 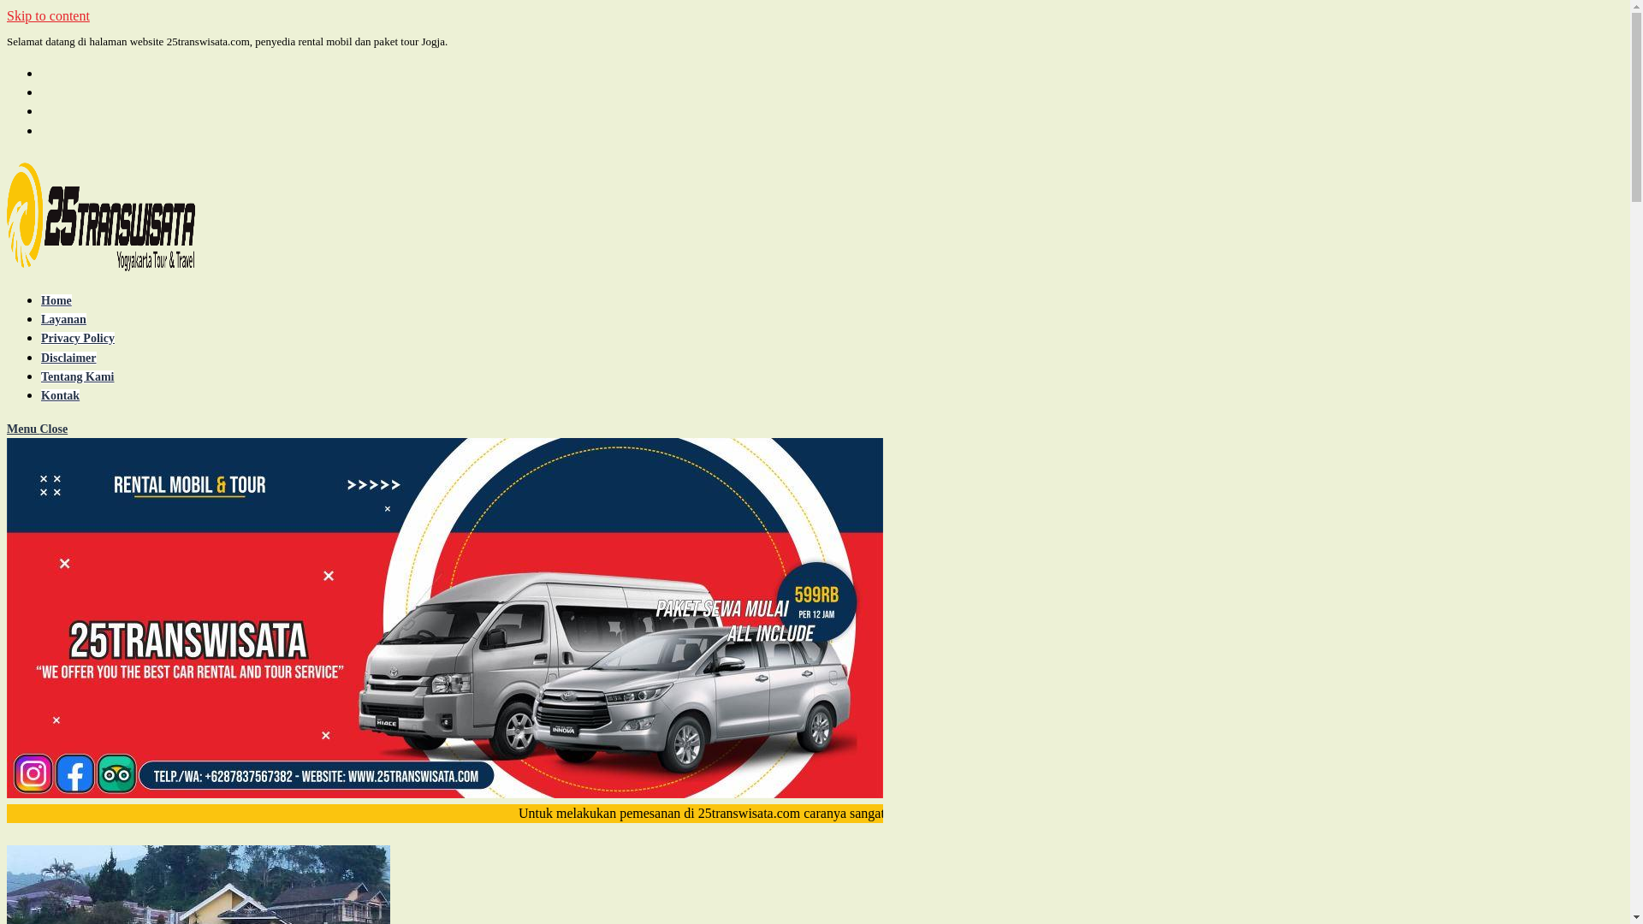 I want to click on 'Kontak', so click(x=60, y=395).